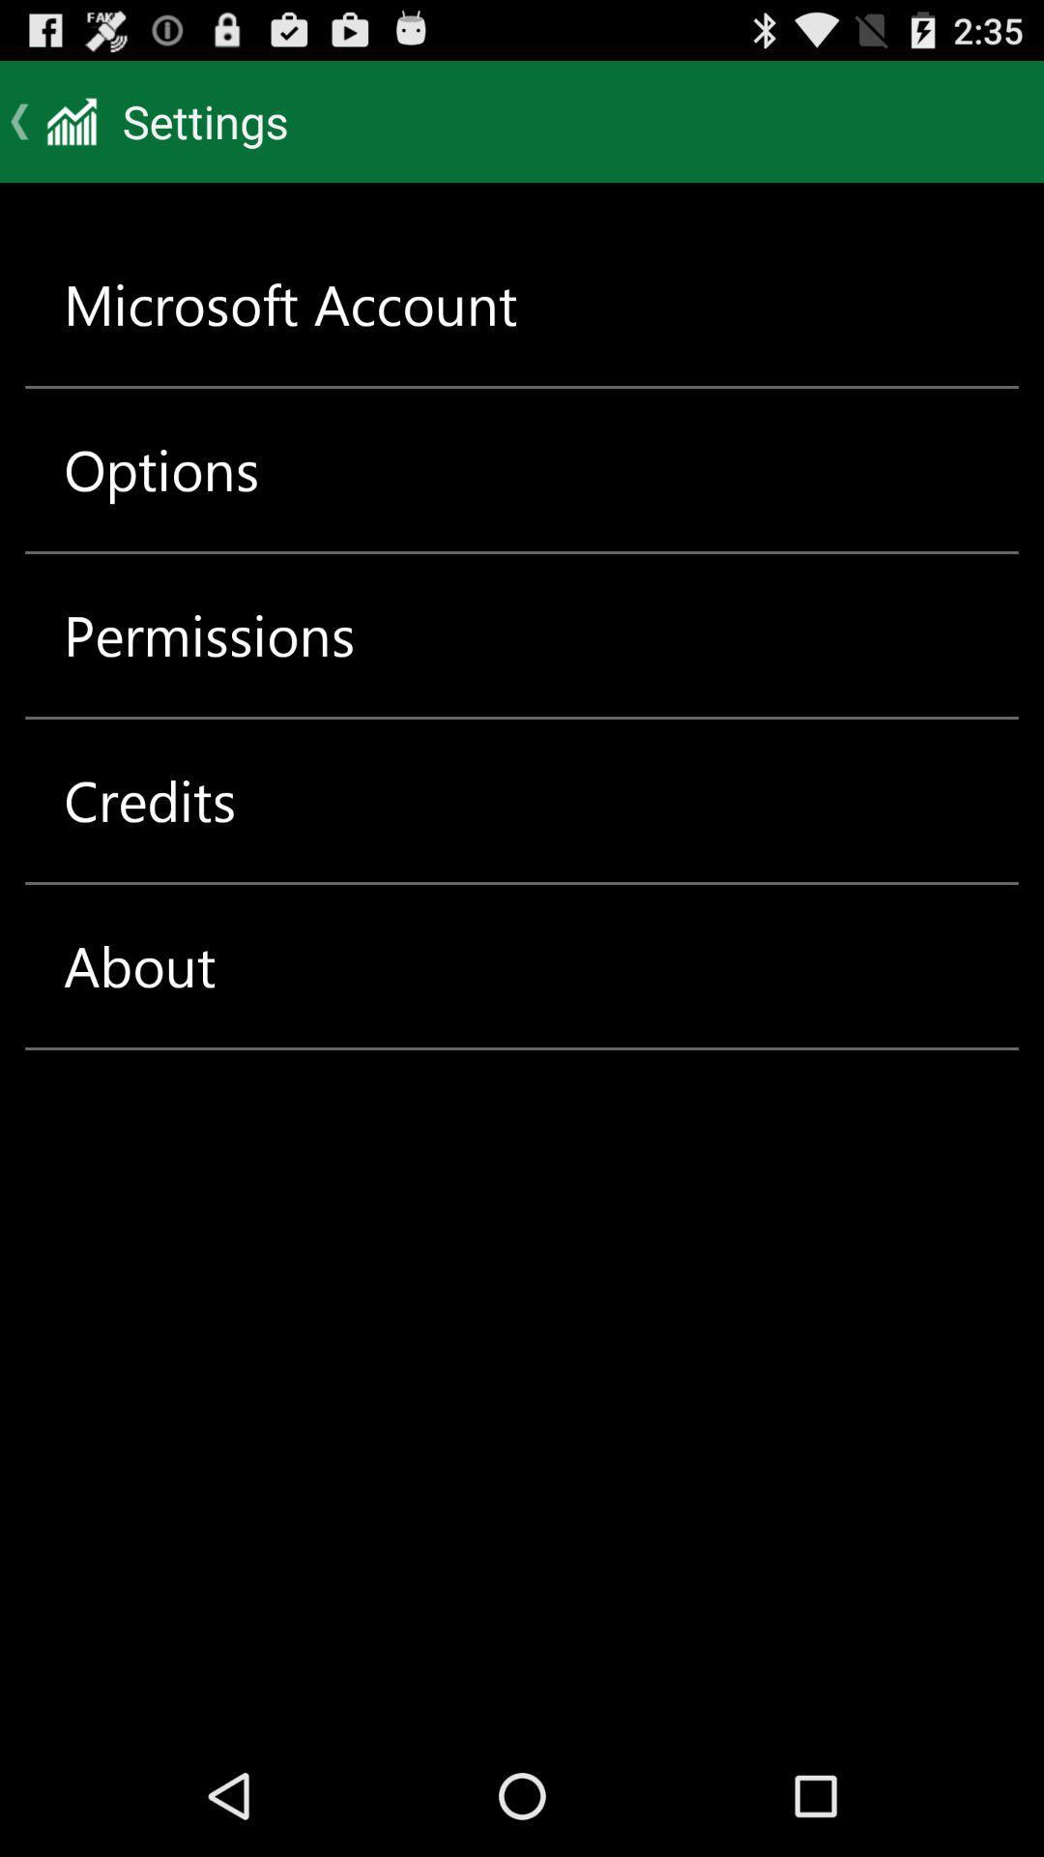 This screenshot has width=1044, height=1857. Describe the element at coordinates (160, 469) in the screenshot. I see `options` at that location.